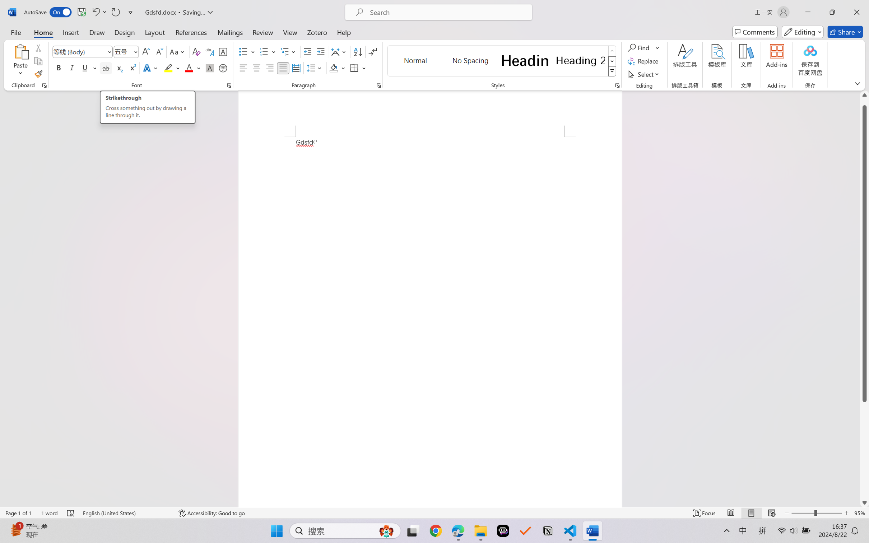 This screenshot has height=543, width=869. What do you see at coordinates (209, 52) in the screenshot?
I see `'Phonetic Guide...'` at bounding box center [209, 52].